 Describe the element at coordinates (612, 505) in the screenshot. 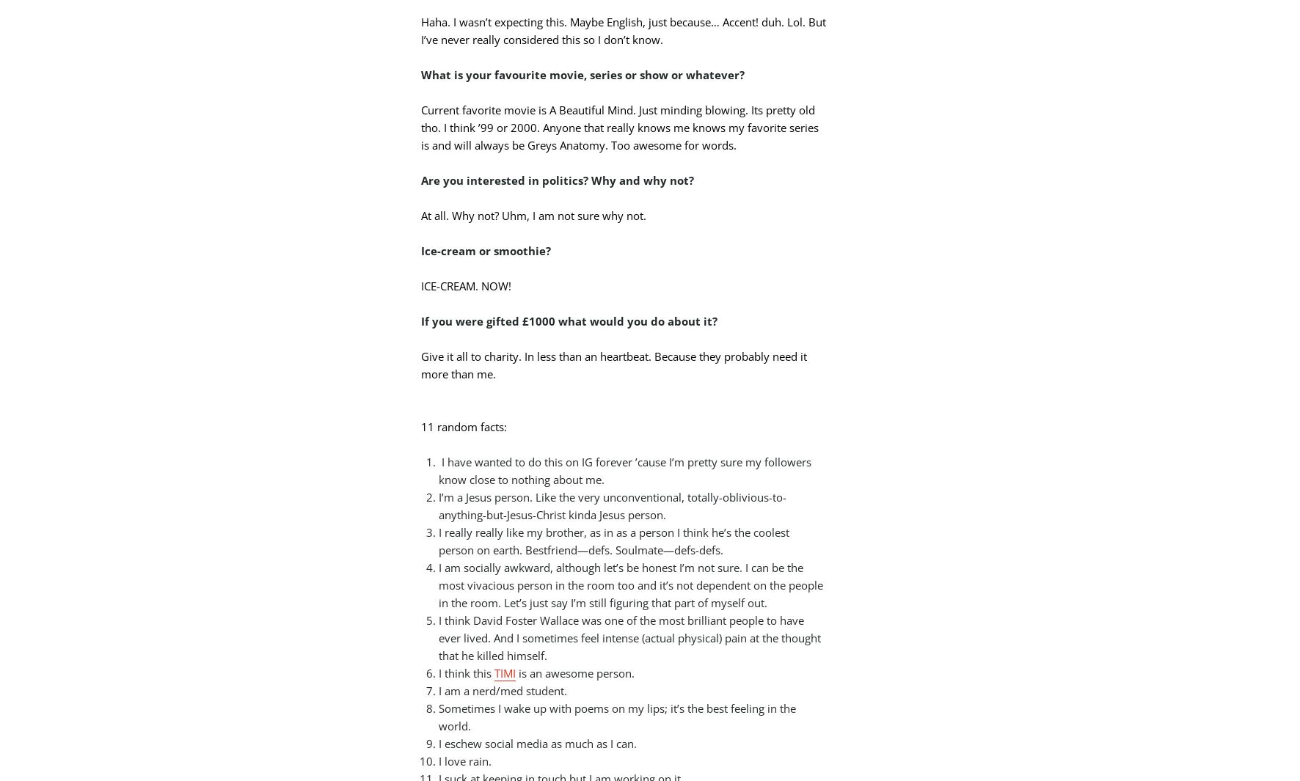

I see `'I’m a Jesus person. Like the very unconventional, totally-oblivious-to-anything-but-Jesus-Christ kinda Jesus person.'` at that location.